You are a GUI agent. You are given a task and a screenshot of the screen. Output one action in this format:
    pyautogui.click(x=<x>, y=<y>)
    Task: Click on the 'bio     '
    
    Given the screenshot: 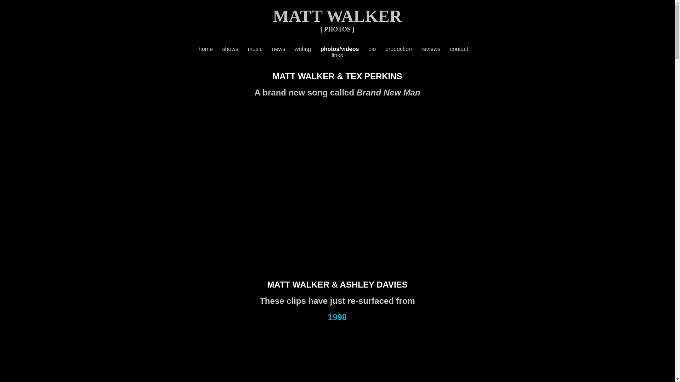 What is the action you would take?
    pyautogui.click(x=376, y=48)
    